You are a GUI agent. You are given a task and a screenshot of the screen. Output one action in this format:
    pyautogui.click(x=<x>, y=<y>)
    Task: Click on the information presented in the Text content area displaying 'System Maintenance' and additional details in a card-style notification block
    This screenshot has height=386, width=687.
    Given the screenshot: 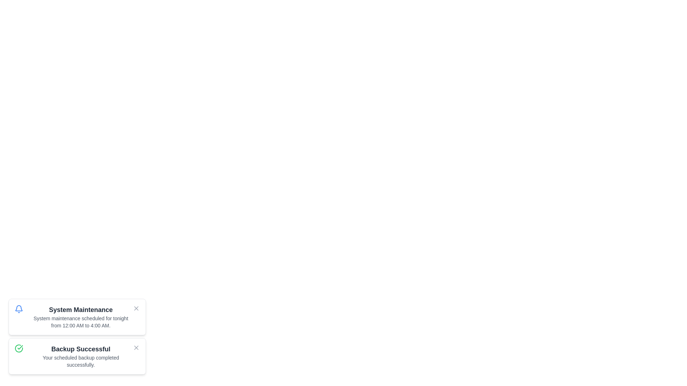 What is the action you would take?
    pyautogui.click(x=81, y=317)
    